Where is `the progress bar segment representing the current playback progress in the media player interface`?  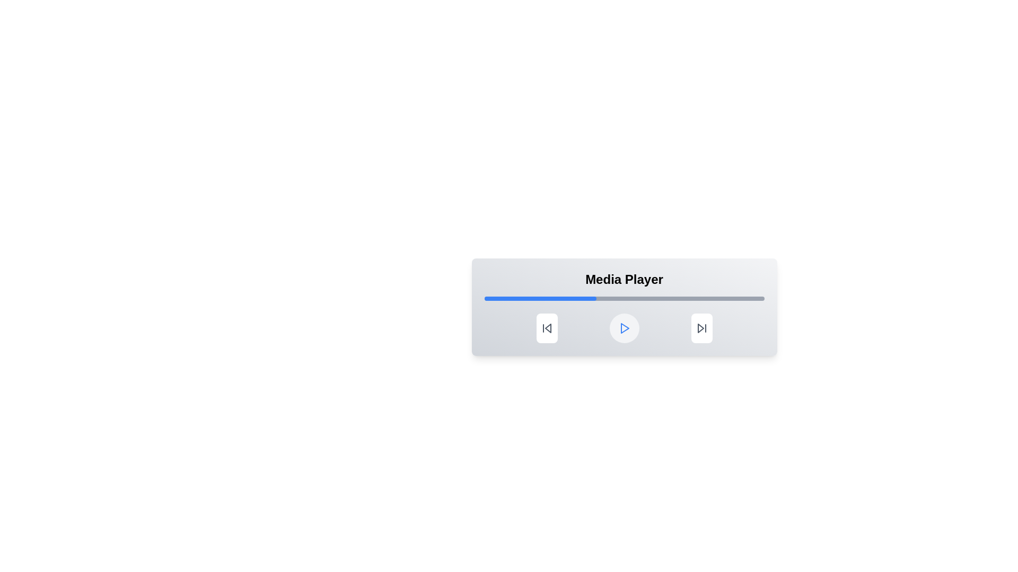 the progress bar segment representing the current playback progress in the media player interface is located at coordinates (540, 298).